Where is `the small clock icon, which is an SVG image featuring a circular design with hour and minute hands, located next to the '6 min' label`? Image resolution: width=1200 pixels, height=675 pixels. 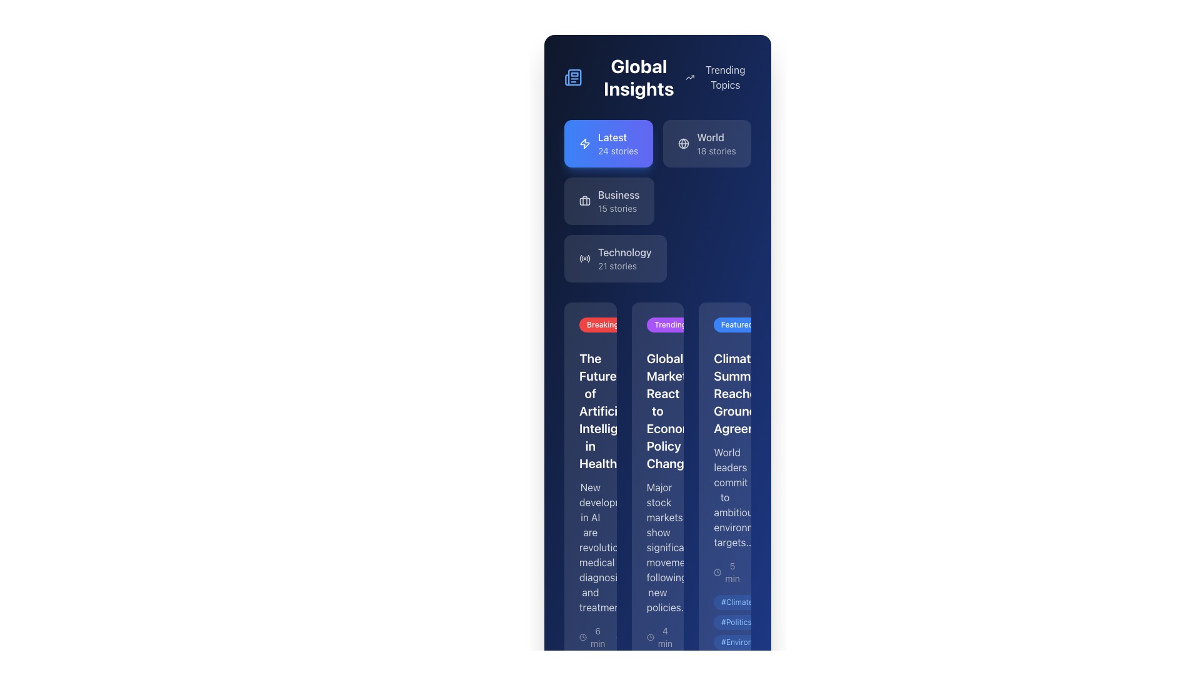 the small clock icon, which is an SVG image featuring a circular design with hour and minute hands, located next to the '6 min' label is located at coordinates (582, 637).